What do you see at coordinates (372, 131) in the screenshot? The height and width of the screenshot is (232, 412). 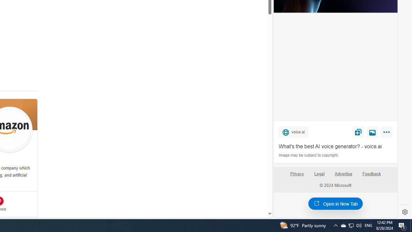 I see `'View image'` at bounding box center [372, 131].